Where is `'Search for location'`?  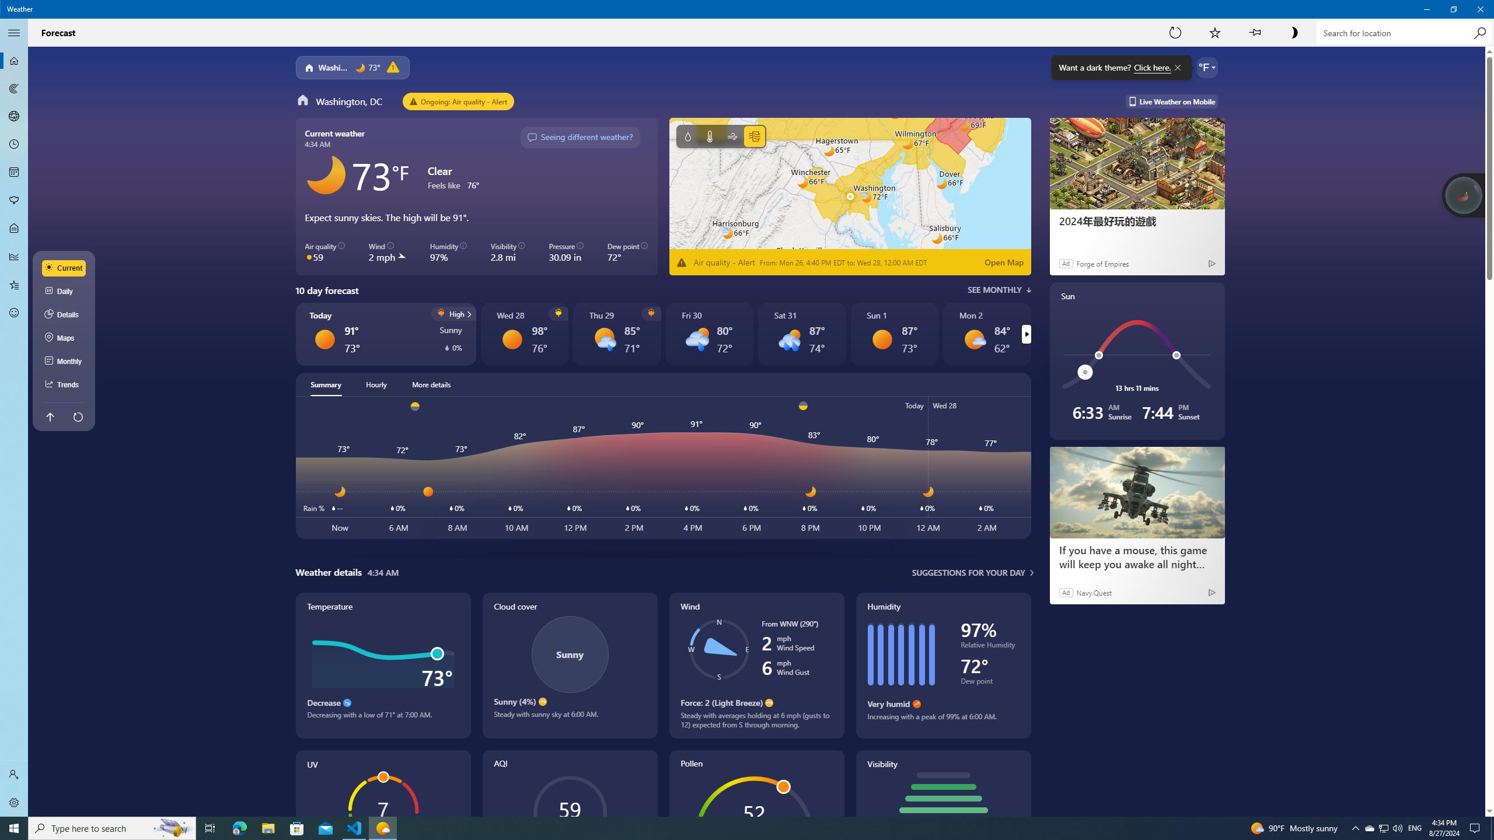 'Search for location' is located at coordinates (1404, 32).